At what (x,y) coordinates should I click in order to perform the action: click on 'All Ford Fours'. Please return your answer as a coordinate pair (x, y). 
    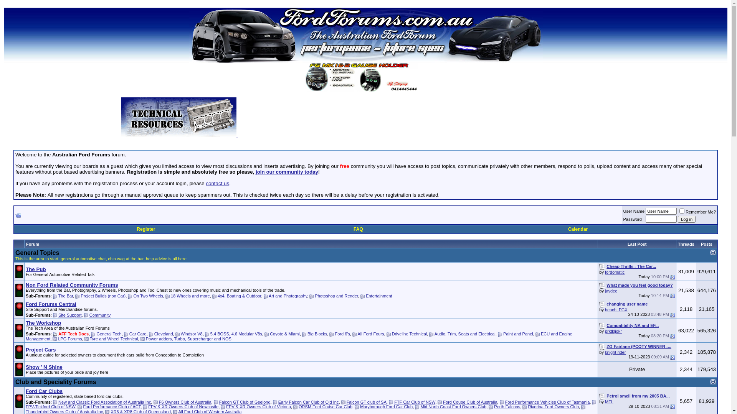
    Looking at the image, I should click on (371, 333).